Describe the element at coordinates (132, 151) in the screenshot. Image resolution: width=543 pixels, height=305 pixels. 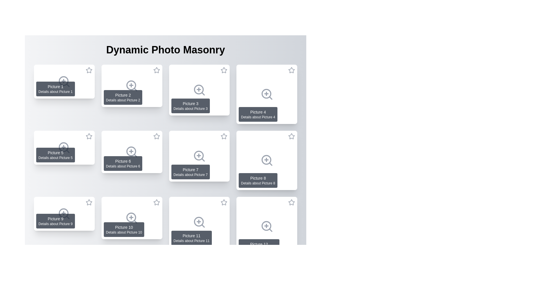
I see `the image labeled 'Picture 6' in the Card Component to enlarge it` at that location.